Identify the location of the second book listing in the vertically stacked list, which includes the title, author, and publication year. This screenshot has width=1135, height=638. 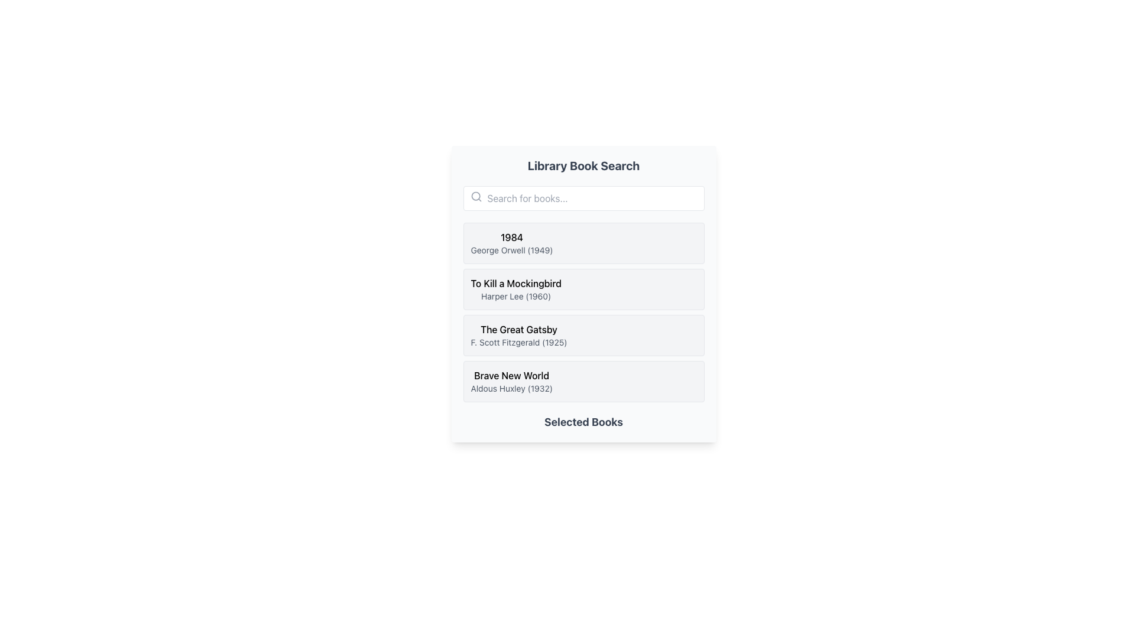
(516, 289).